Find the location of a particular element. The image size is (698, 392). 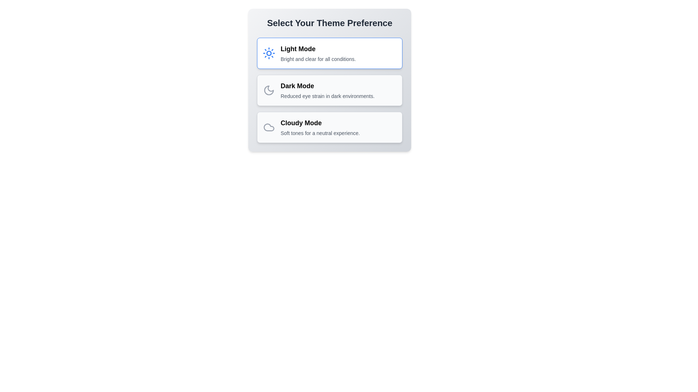

the minimalist gray cloud icon located on the left side of the 'Cloudy Mode' option in the theme selection list is located at coordinates (268, 127).